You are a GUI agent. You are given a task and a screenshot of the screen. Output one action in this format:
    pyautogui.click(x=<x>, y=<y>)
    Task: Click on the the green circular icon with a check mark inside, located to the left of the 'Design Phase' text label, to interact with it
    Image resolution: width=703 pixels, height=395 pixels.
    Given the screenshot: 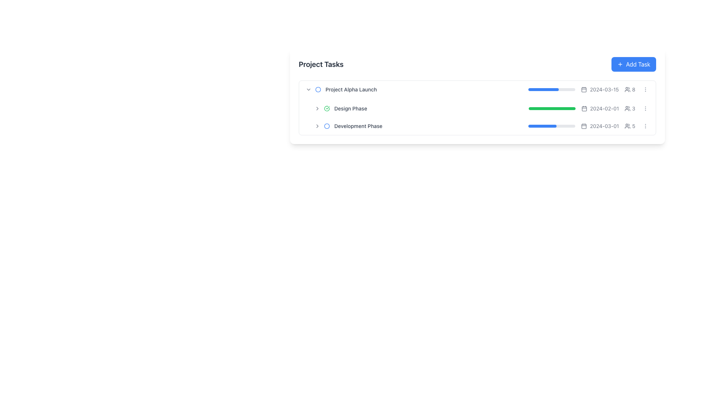 What is the action you would take?
    pyautogui.click(x=326, y=109)
    